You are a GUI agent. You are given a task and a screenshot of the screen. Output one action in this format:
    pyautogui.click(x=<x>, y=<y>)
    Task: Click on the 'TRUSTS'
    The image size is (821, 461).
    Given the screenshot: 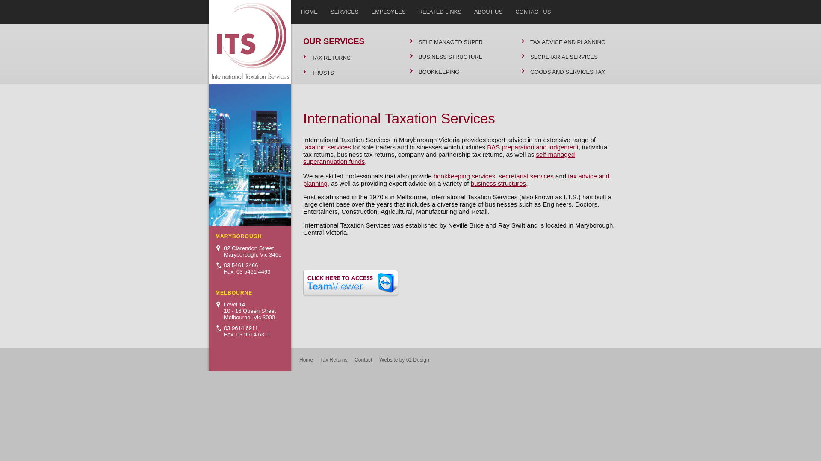 What is the action you would take?
    pyautogui.click(x=350, y=72)
    